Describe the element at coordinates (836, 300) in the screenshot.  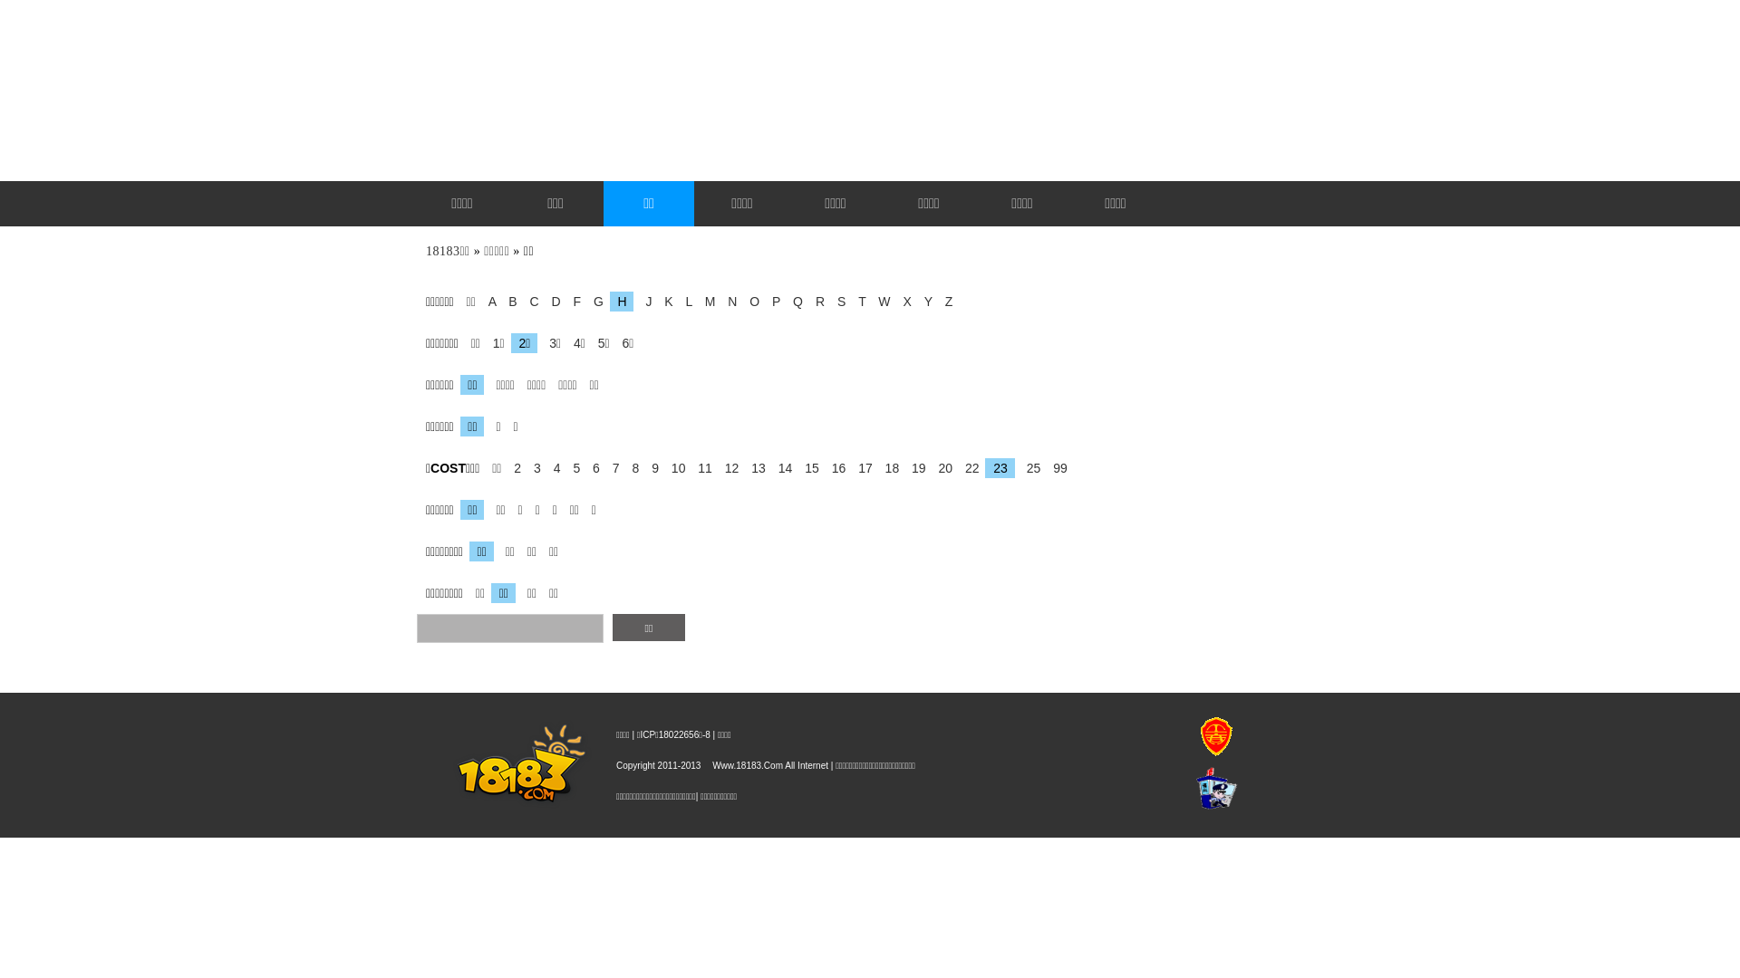
I see `'S'` at that location.